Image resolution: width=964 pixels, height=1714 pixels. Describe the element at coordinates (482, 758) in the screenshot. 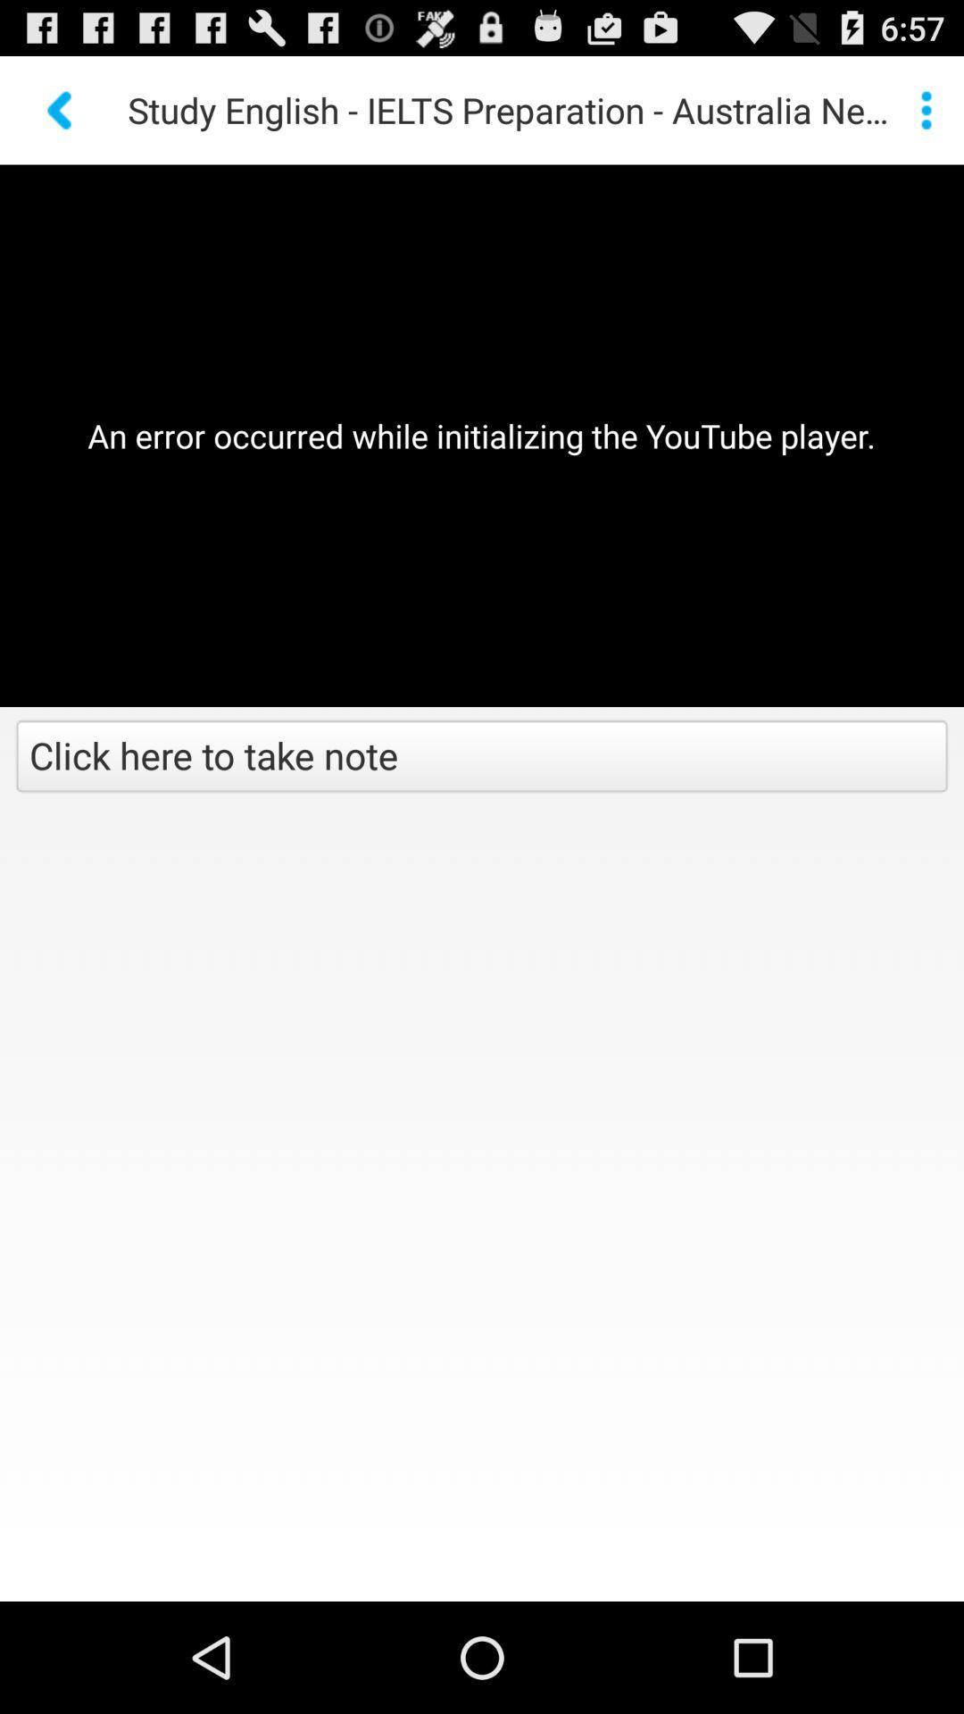

I see `click here to app` at that location.